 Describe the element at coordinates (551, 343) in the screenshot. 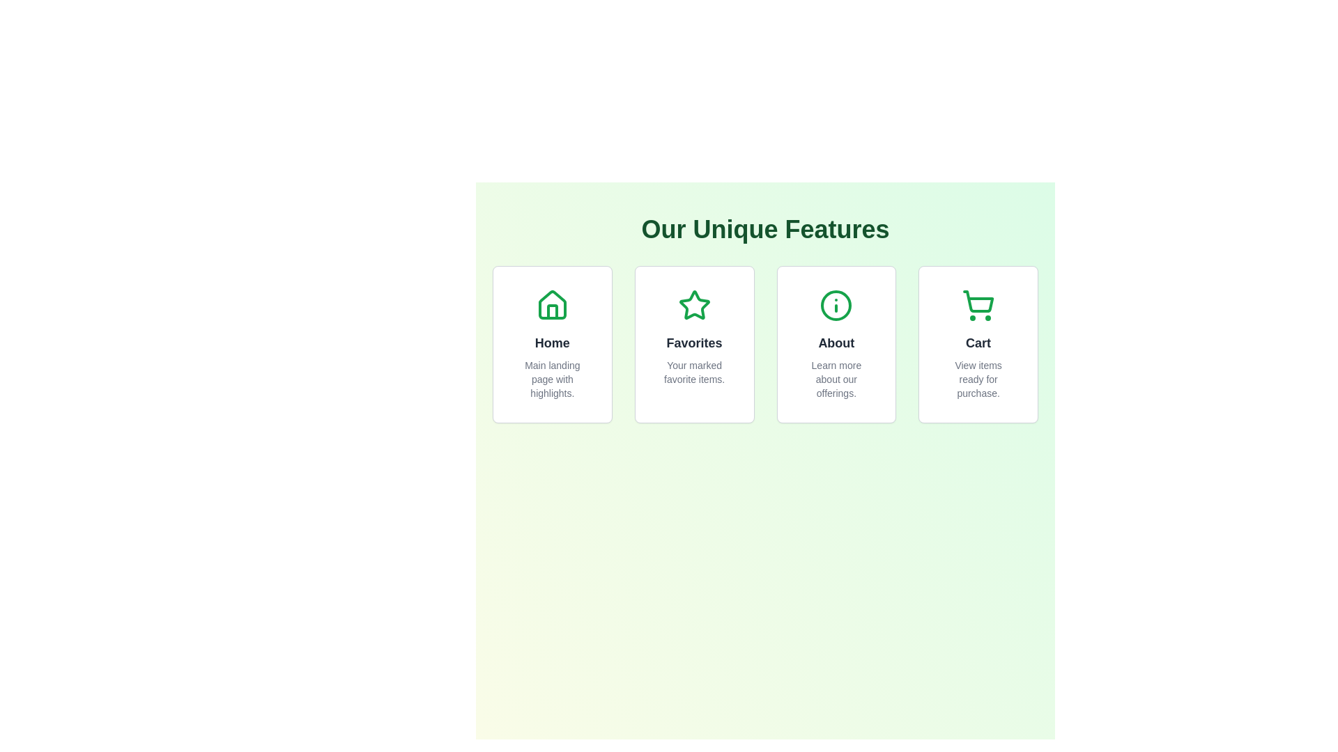

I see `the prominently styled text label containing the word 'Home', which is bold, center-aligned, and dark gray, located within a rectangular card to the leftmost side of four similar cards` at that location.